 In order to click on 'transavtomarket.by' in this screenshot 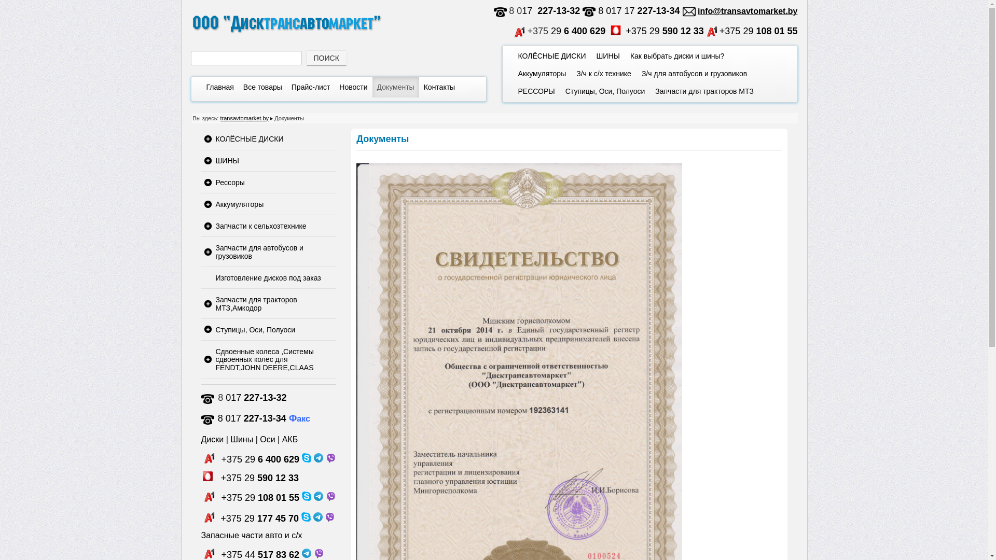, I will do `click(243, 117)`.